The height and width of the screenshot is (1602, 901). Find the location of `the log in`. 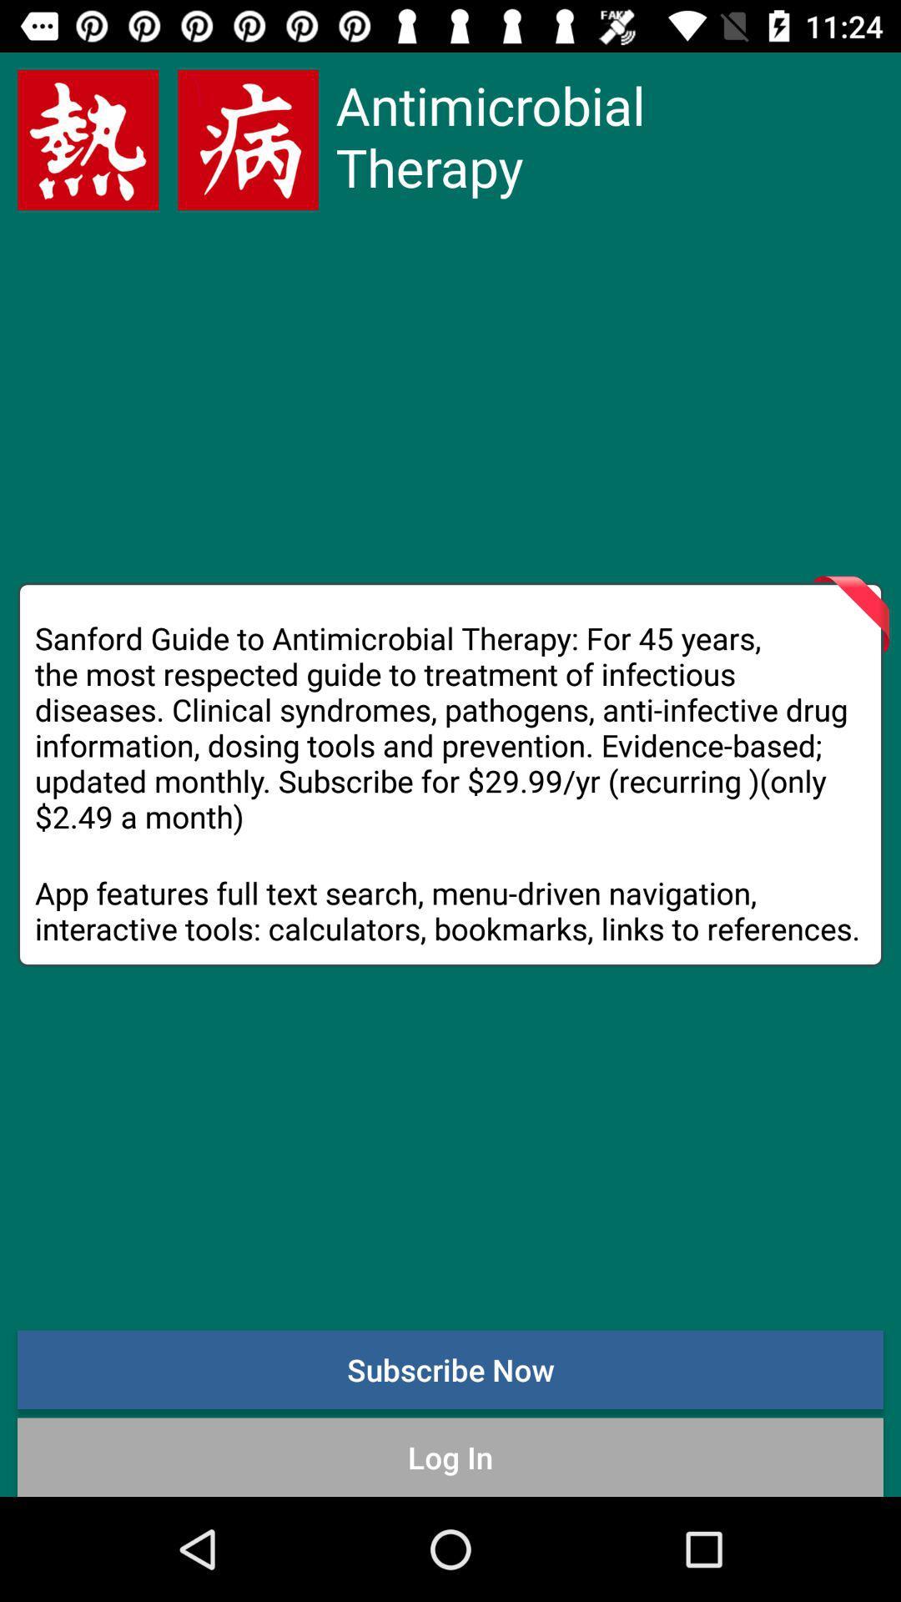

the log in is located at coordinates (450, 1456).